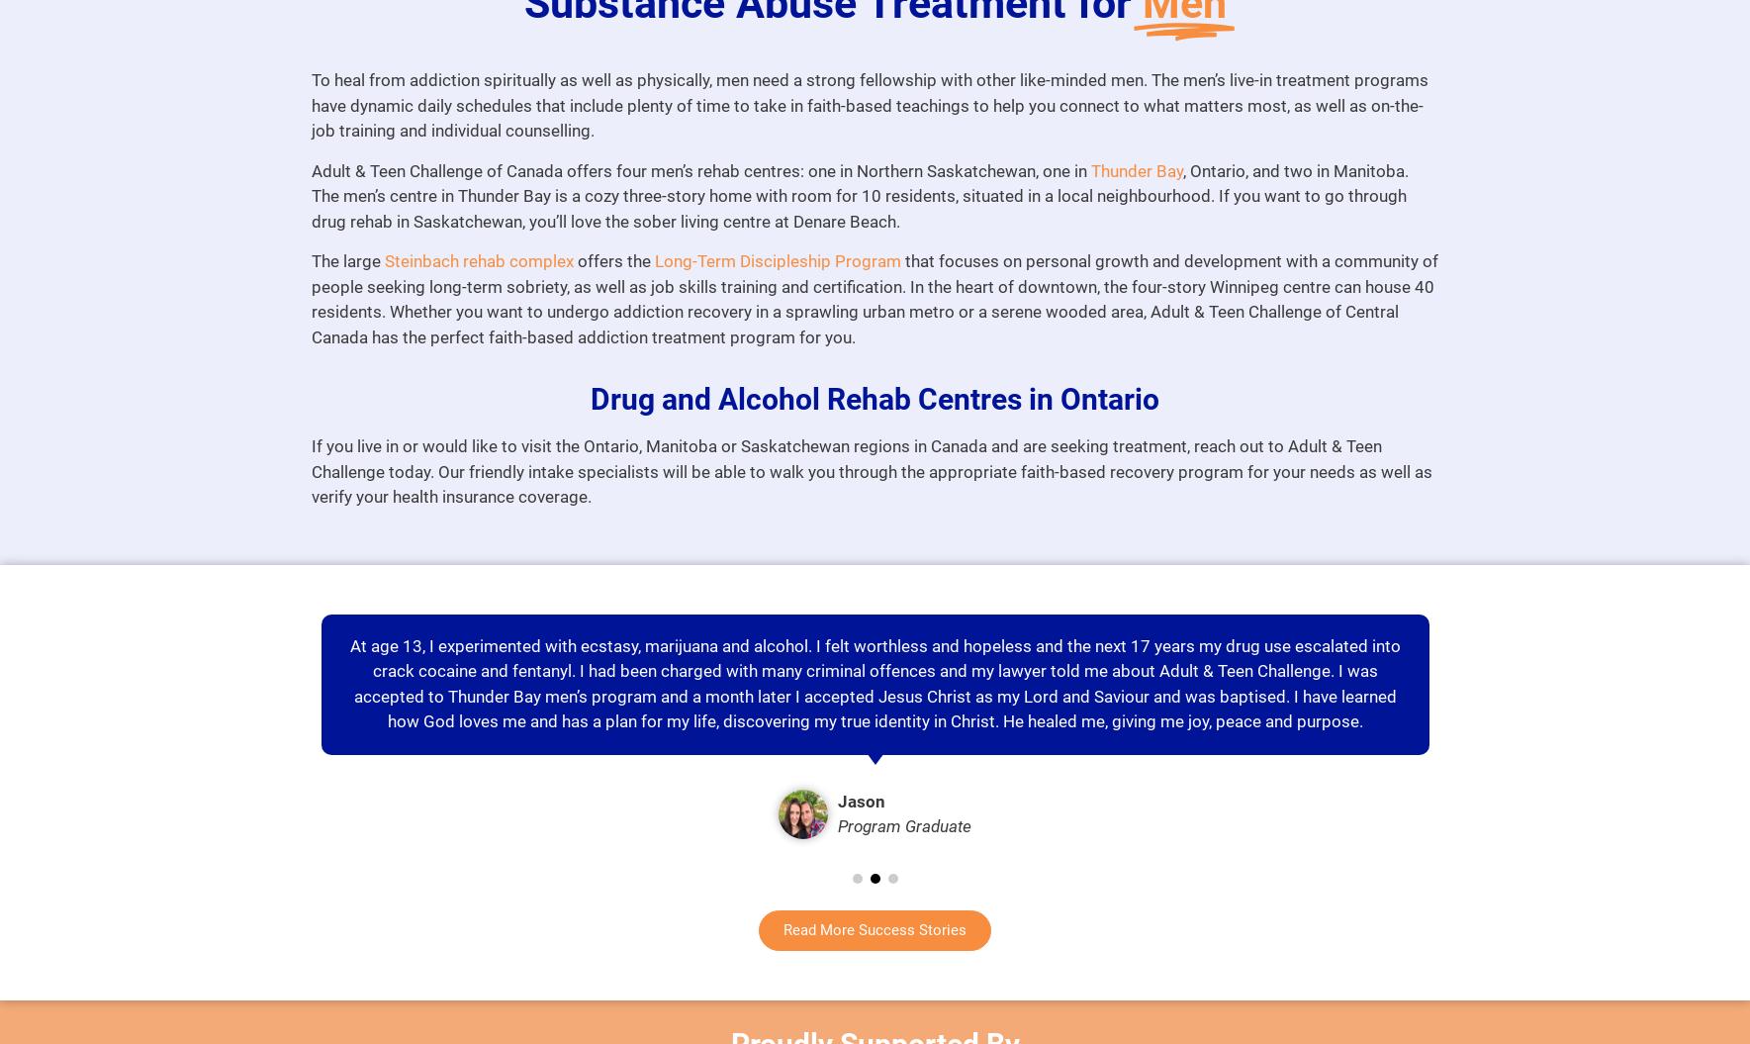 Image resolution: width=1750 pixels, height=1044 pixels. Describe the element at coordinates (870, 471) in the screenshot. I see `'If you live in or would like to visit the Ontario, Manitoba or Saskatchewan regions in Canada and are seeking treatment, reach out to Adult & Teen Challenge today. Our friendly intake specialists will be able to walk you through the appropriate faith-based recovery program for your needs as well as verify your health insurance coverage.'` at that location.